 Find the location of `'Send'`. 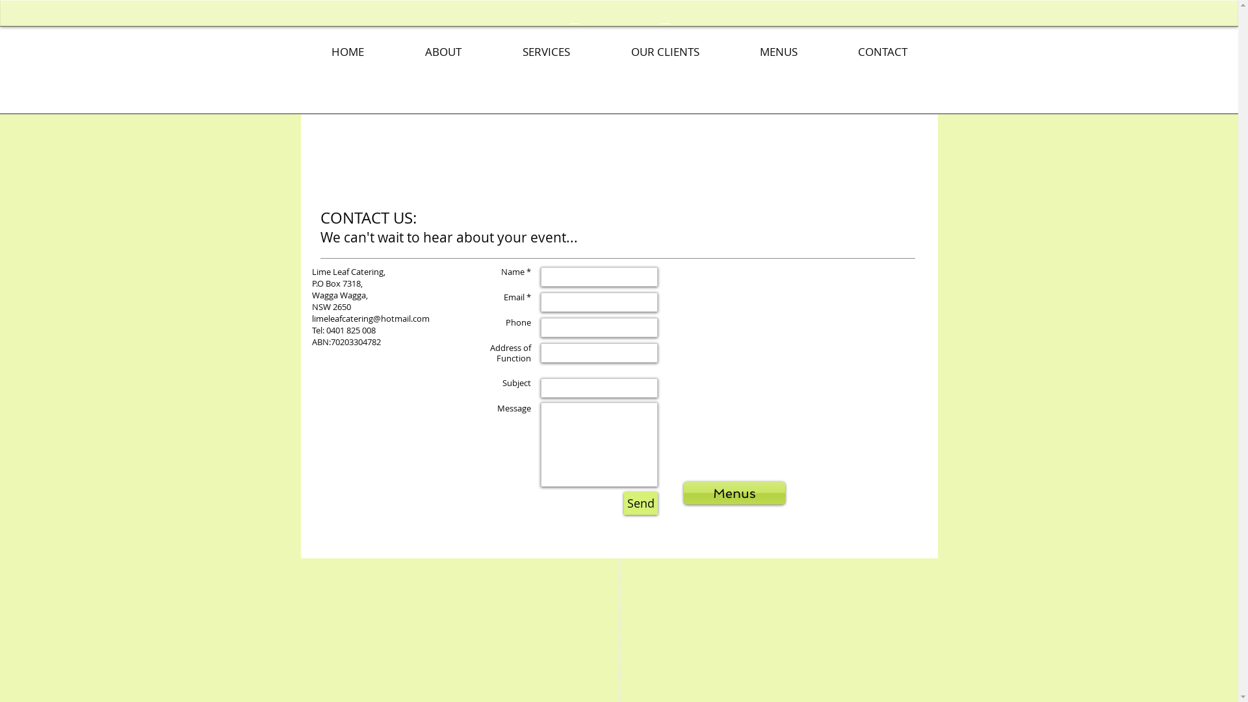

'Send' is located at coordinates (640, 502).